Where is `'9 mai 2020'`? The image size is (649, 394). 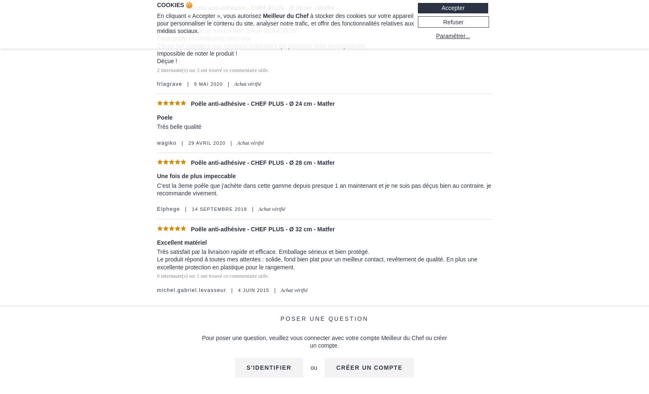 '9 mai 2020' is located at coordinates (193, 84).